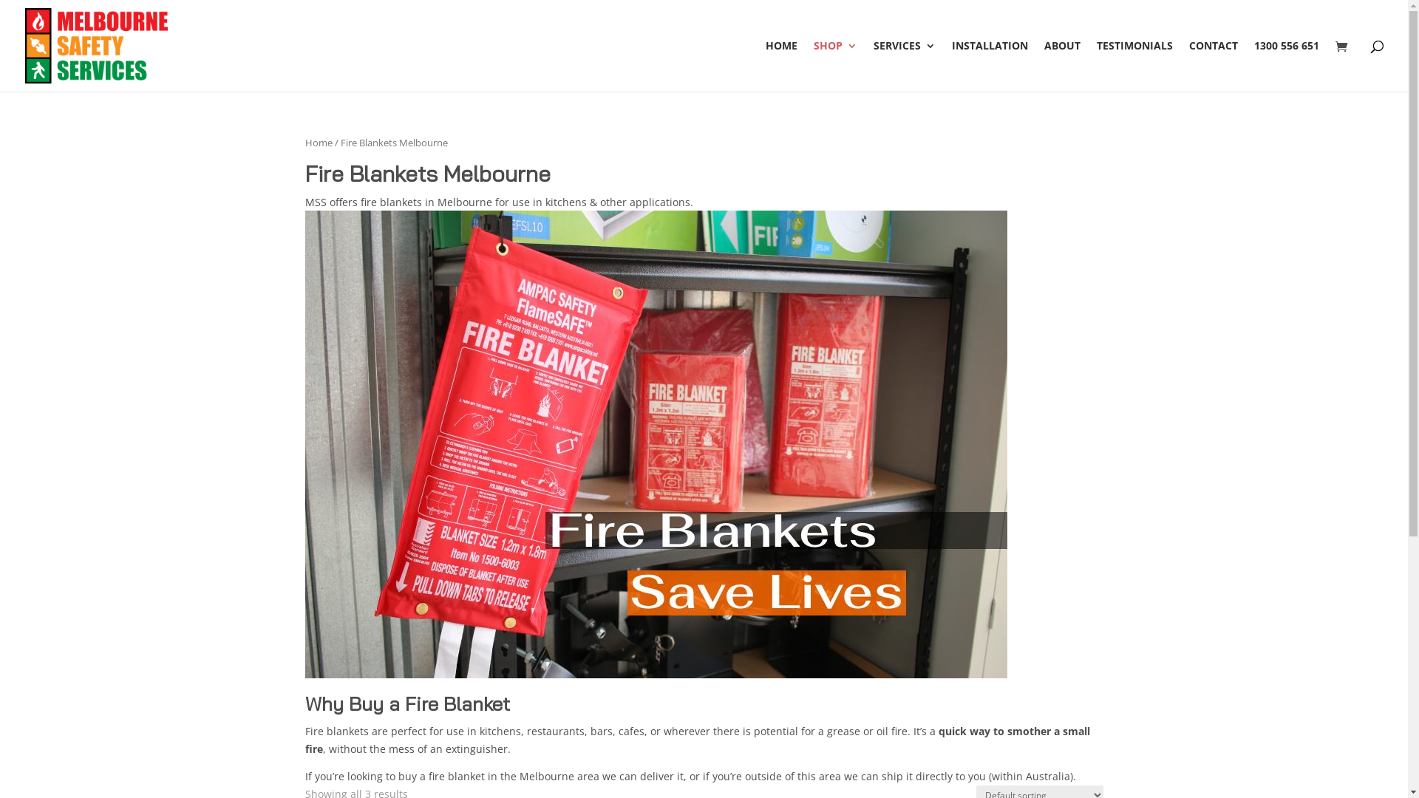  Describe the element at coordinates (1286, 65) in the screenshot. I see `'1300 556 651'` at that location.